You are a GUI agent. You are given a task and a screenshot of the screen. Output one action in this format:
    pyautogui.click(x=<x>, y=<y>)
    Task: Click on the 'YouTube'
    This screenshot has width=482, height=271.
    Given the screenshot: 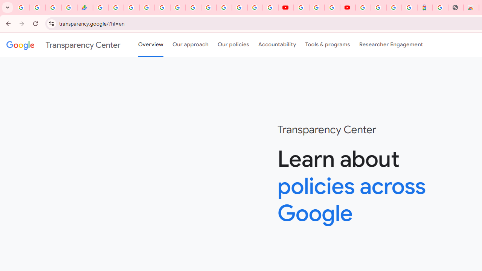 What is the action you would take?
    pyautogui.click(x=301, y=8)
    